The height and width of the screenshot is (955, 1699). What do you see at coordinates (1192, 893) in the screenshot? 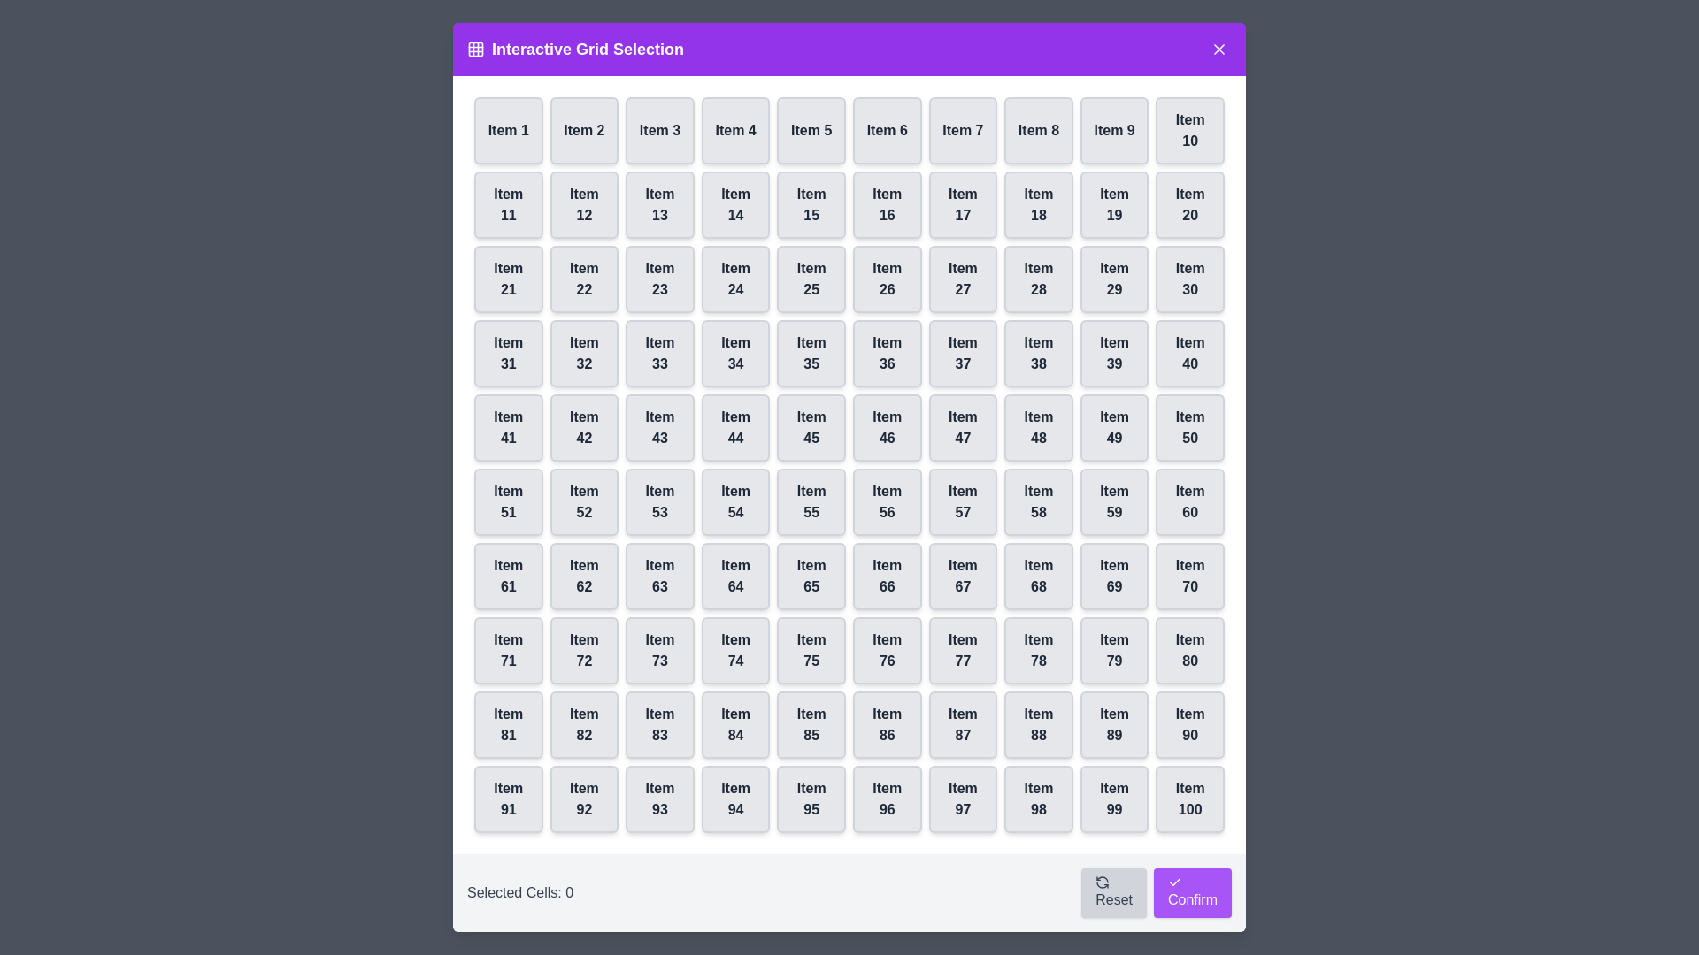
I see `the 'Confirm' button to confirm the current selection` at bounding box center [1192, 893].